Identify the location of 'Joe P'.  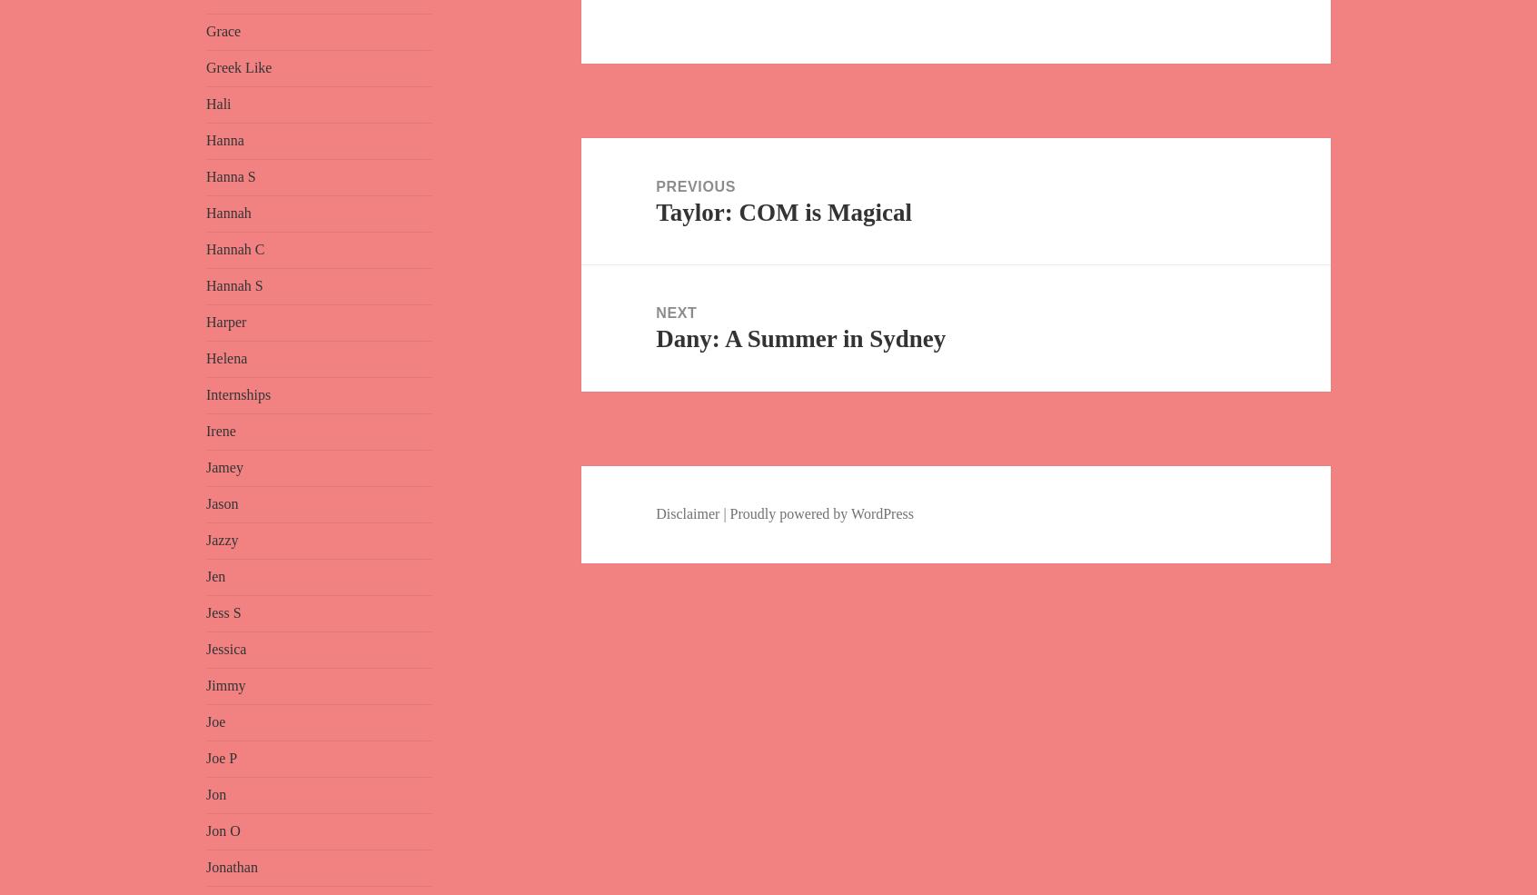
(221, 757).